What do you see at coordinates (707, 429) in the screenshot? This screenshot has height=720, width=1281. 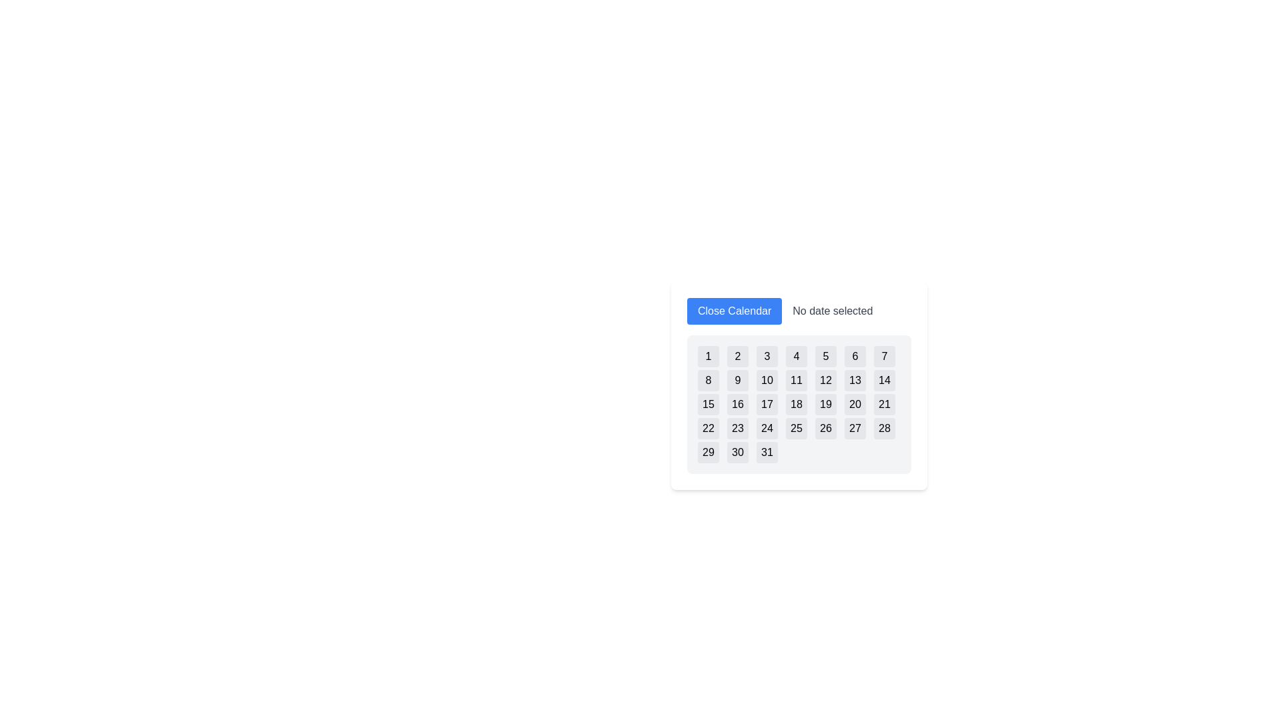 I see `the button representing the 22nd day in the calendar` at bounding box center [707, 429].